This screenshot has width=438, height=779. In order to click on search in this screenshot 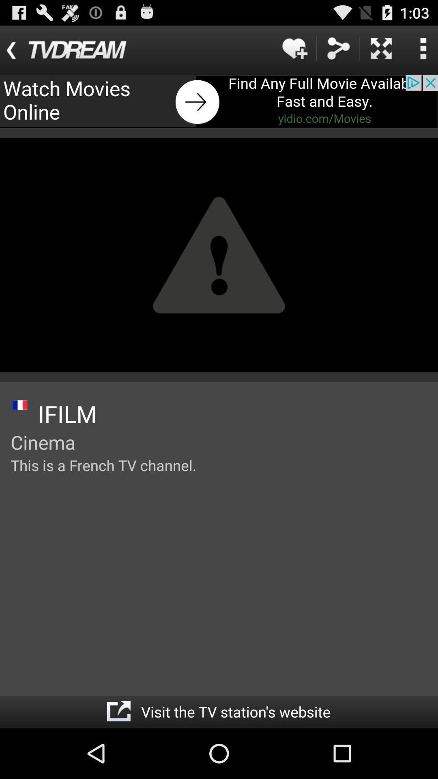, I will do `click(423, 48)`.